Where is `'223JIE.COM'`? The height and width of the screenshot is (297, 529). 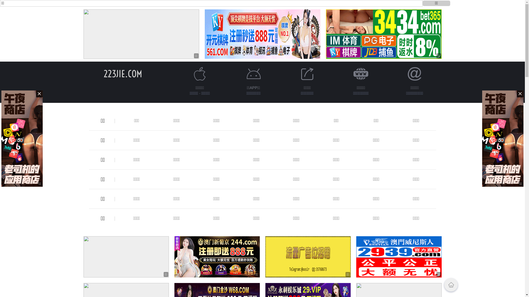
'223JIE.COM' is located at coordinates (103, 73).